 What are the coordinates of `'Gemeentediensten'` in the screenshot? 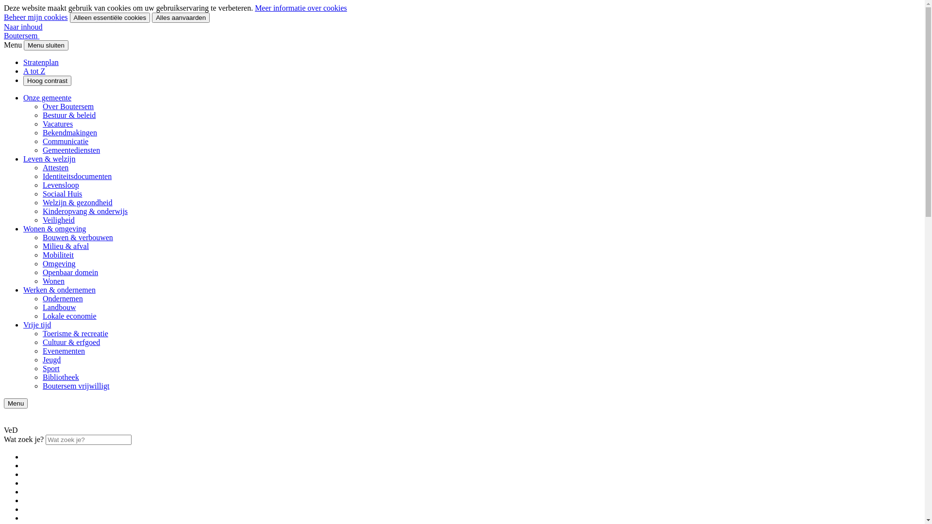 It's located at (71, 150).